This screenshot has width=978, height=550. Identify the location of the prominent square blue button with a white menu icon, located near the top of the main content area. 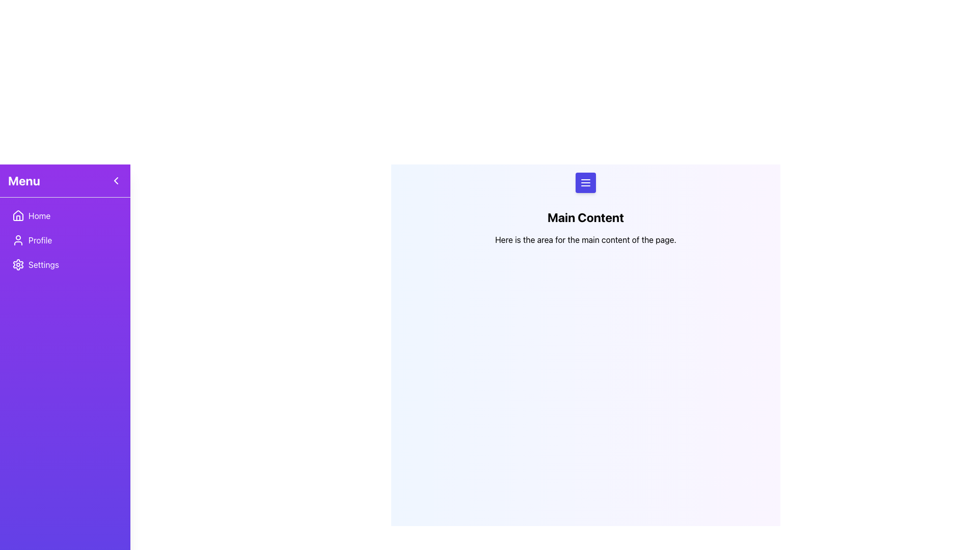
(586, 182).